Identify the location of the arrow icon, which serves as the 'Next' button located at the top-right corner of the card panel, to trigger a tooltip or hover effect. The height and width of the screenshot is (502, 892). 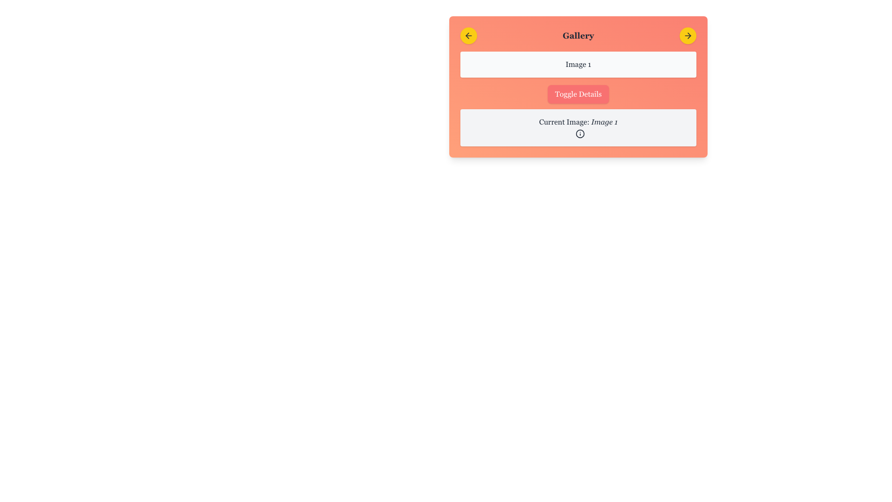
(688, 35).